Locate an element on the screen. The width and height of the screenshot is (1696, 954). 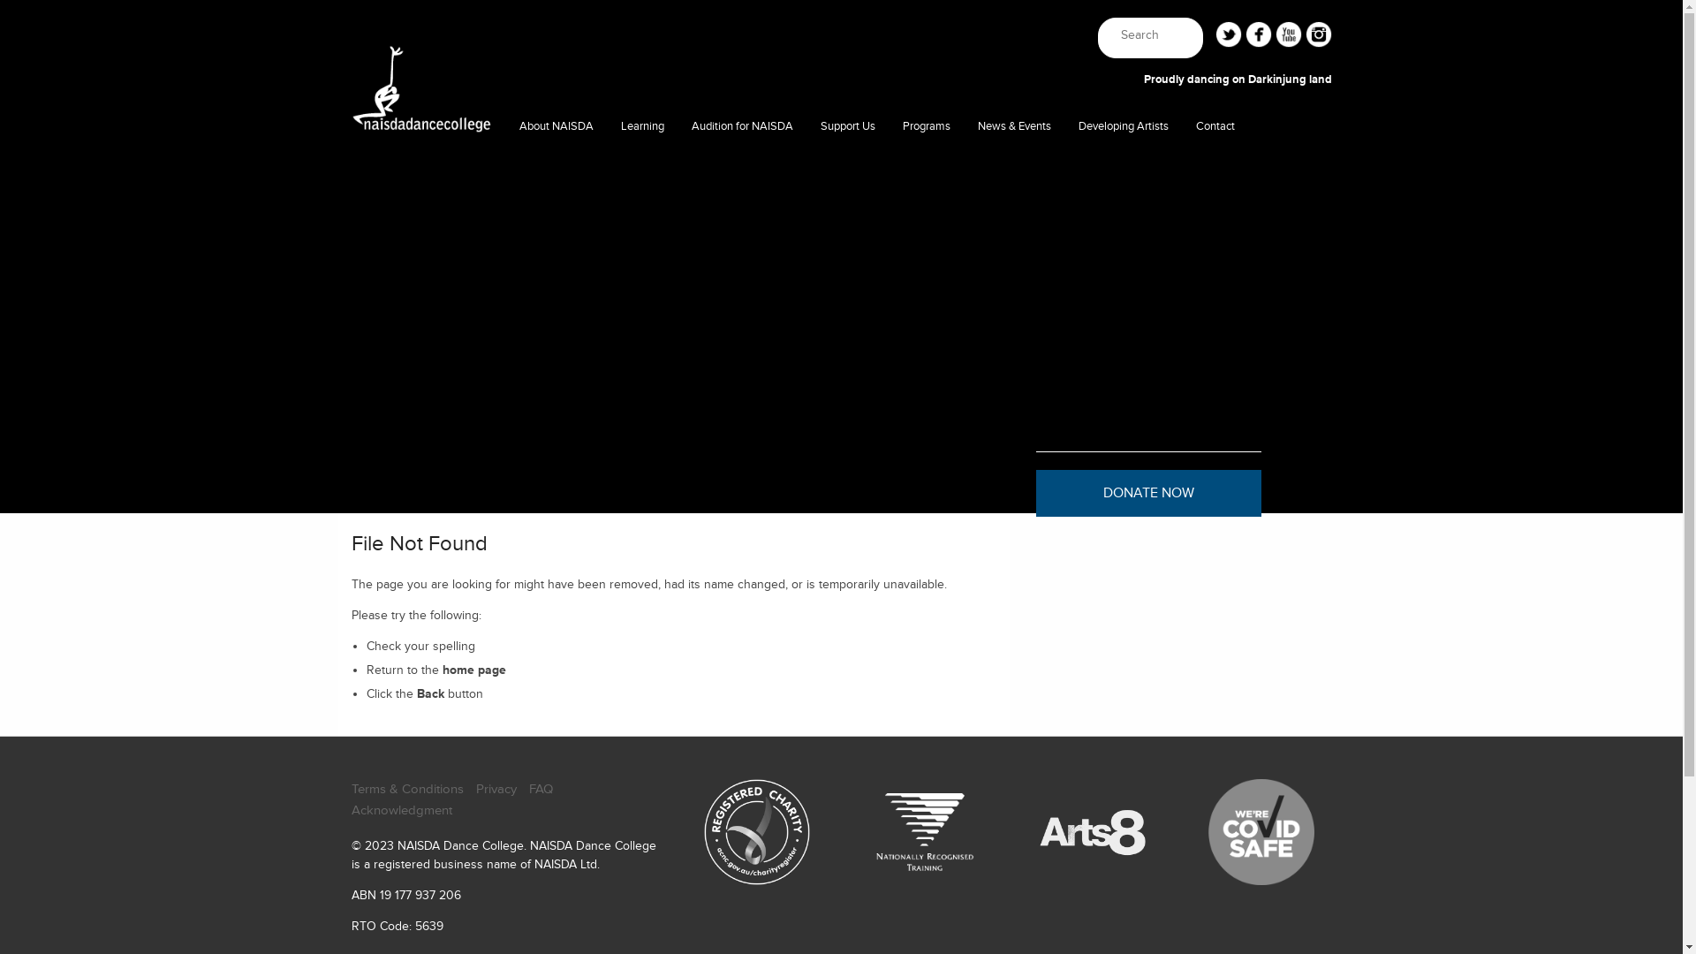
'home page' is located at coordinates (474, 670).